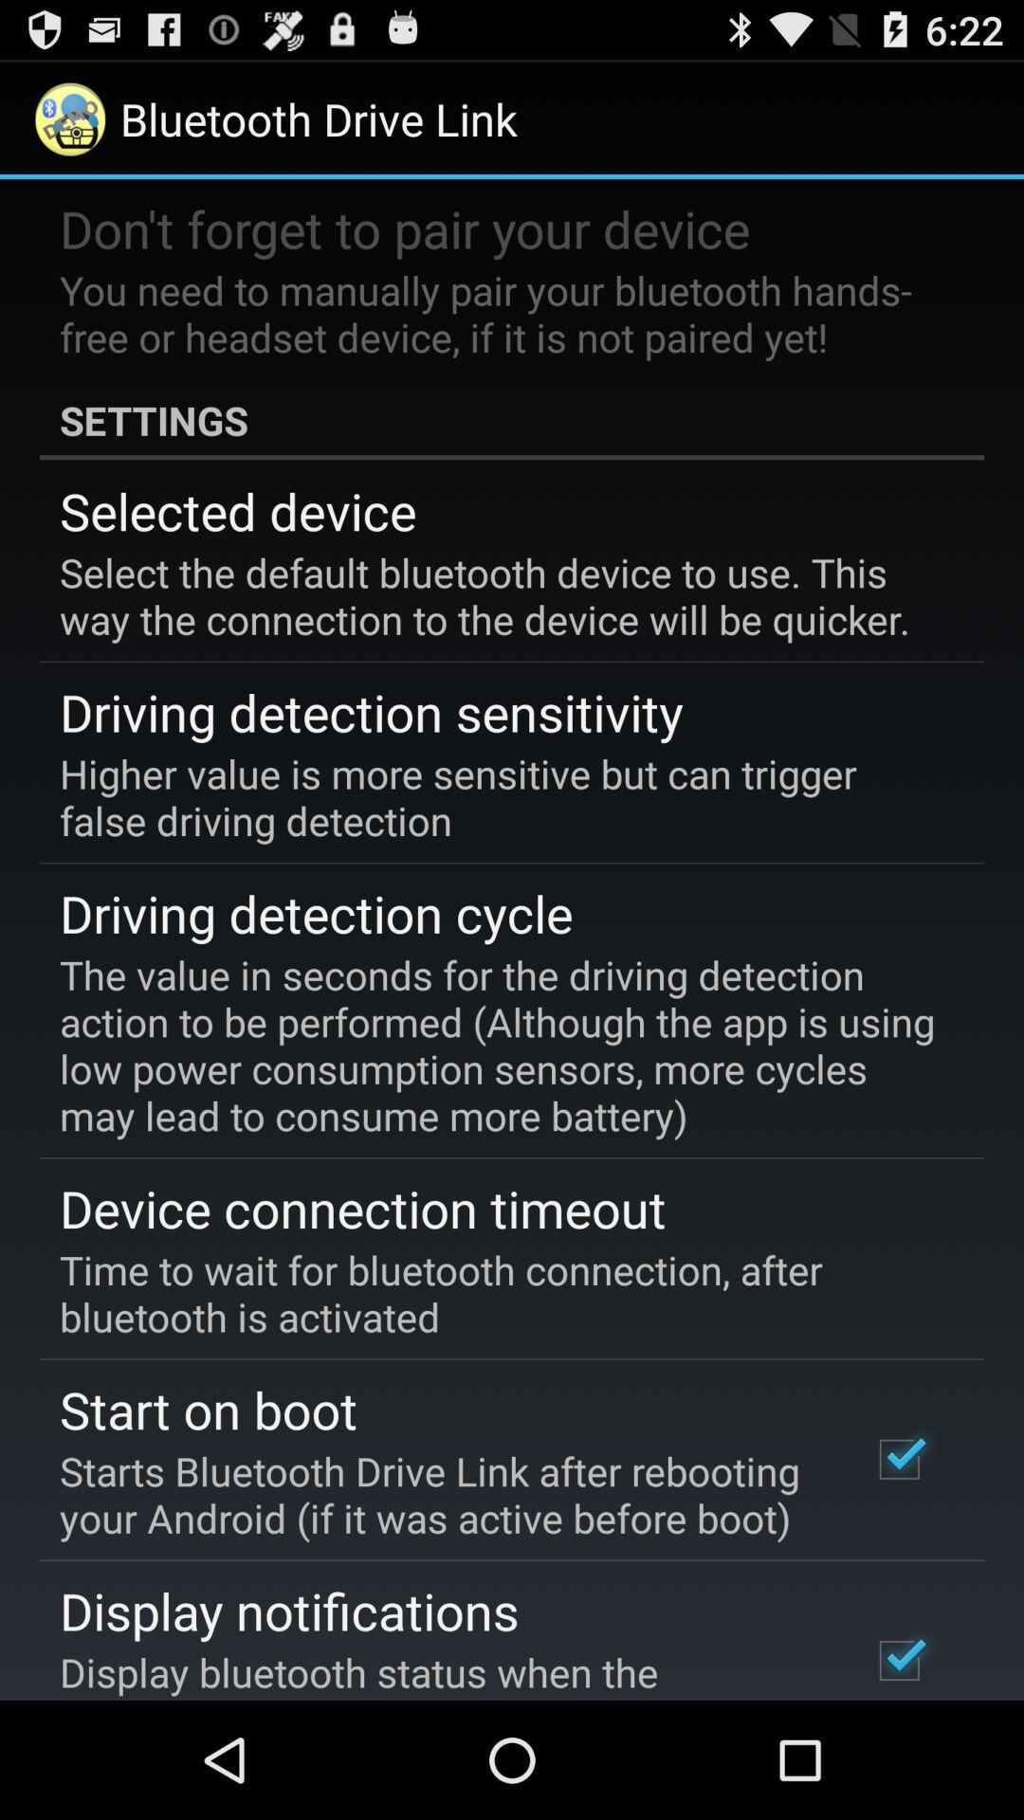 The width and height of the screenshot is (1024, 1820). What do you see at coordinates (498, 313) in the screenshot?
I see `you need to app` at bounding box center [498, 313].